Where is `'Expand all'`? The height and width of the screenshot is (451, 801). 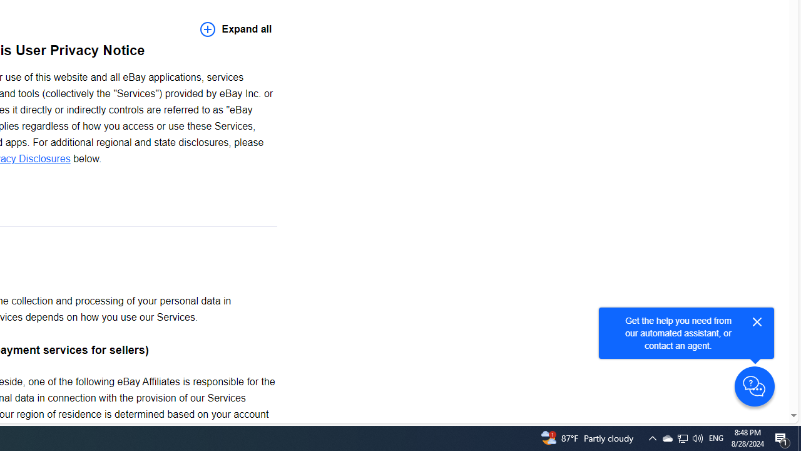
'Expand all' is located at coordinates (236, 28).